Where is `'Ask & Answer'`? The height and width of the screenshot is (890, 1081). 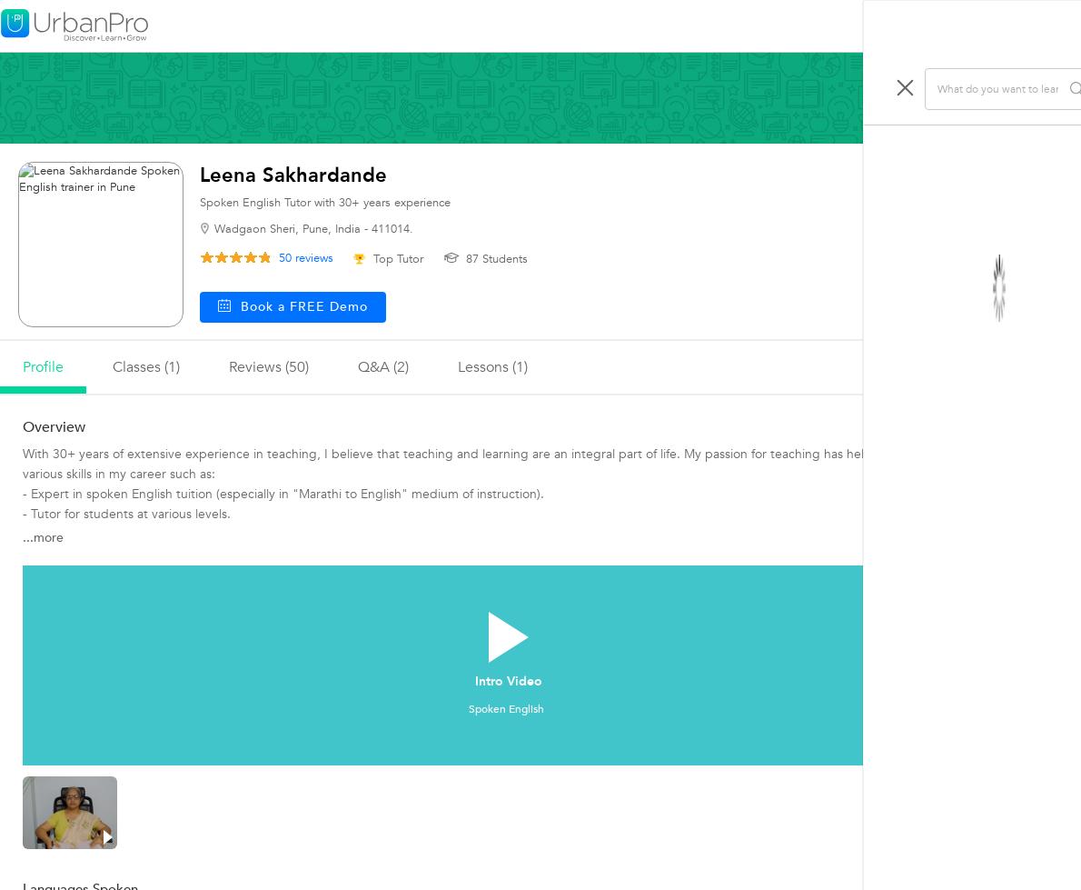 'Ask & Answer' is located at coordinates (884, 161).